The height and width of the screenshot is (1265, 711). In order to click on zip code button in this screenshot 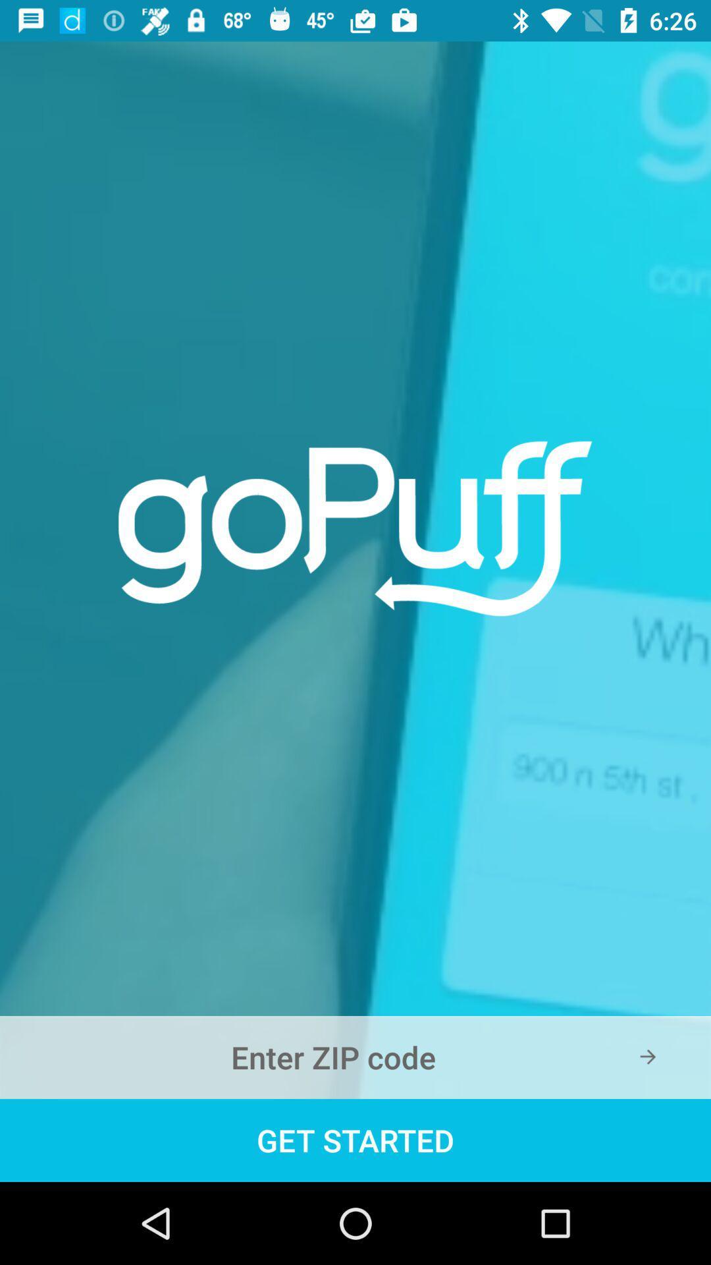, I will do `click(355, 1057)`.